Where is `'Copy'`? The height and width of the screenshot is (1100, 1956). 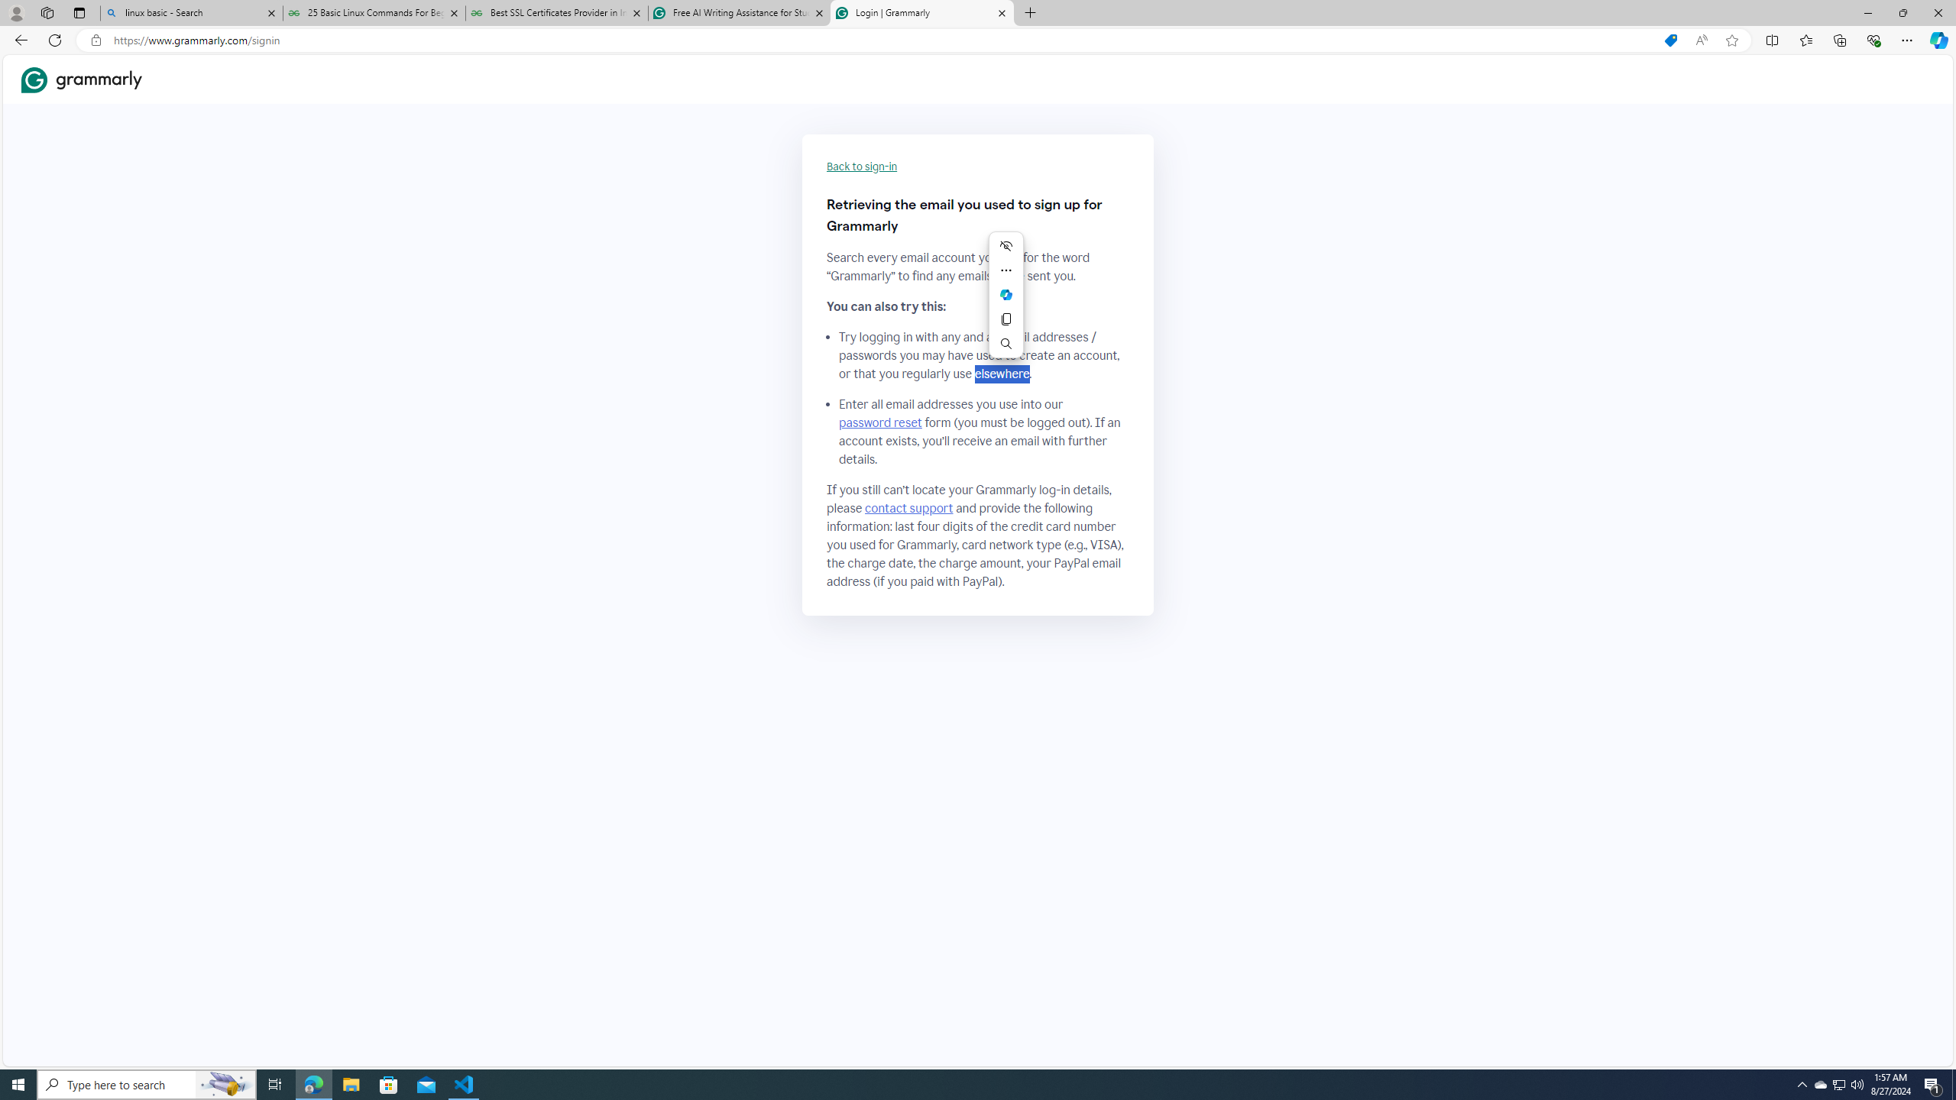 'Copy' is located at coordinates (1006, 319).